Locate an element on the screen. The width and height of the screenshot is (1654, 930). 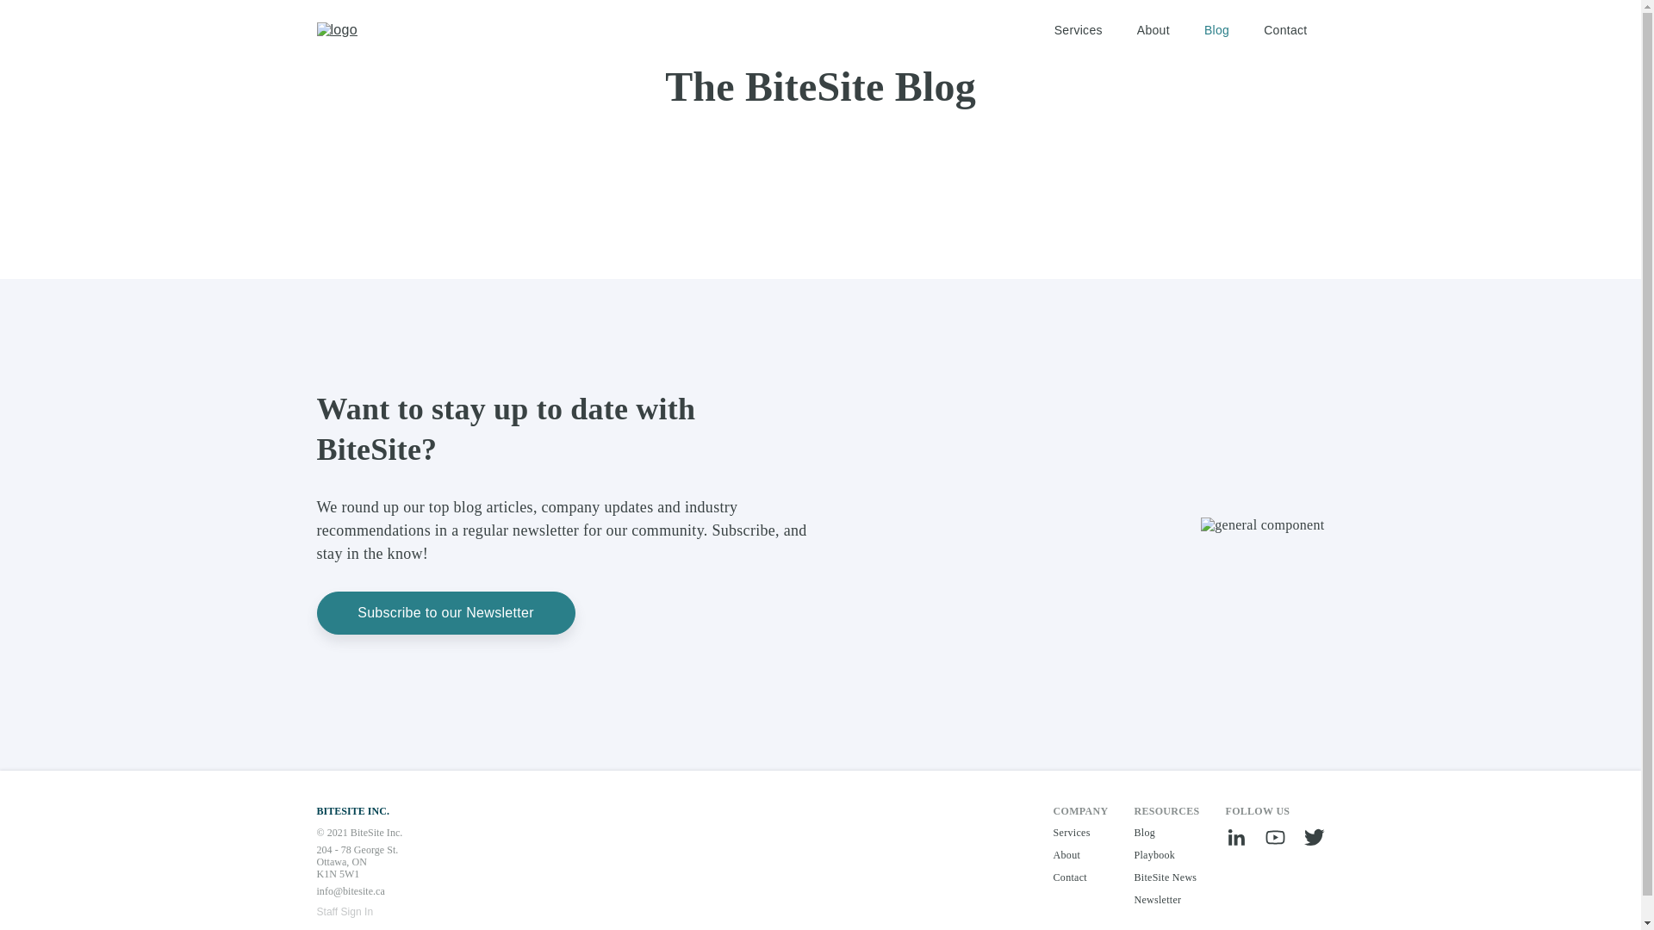
'Blog' is located at coordinates (1166, 832).